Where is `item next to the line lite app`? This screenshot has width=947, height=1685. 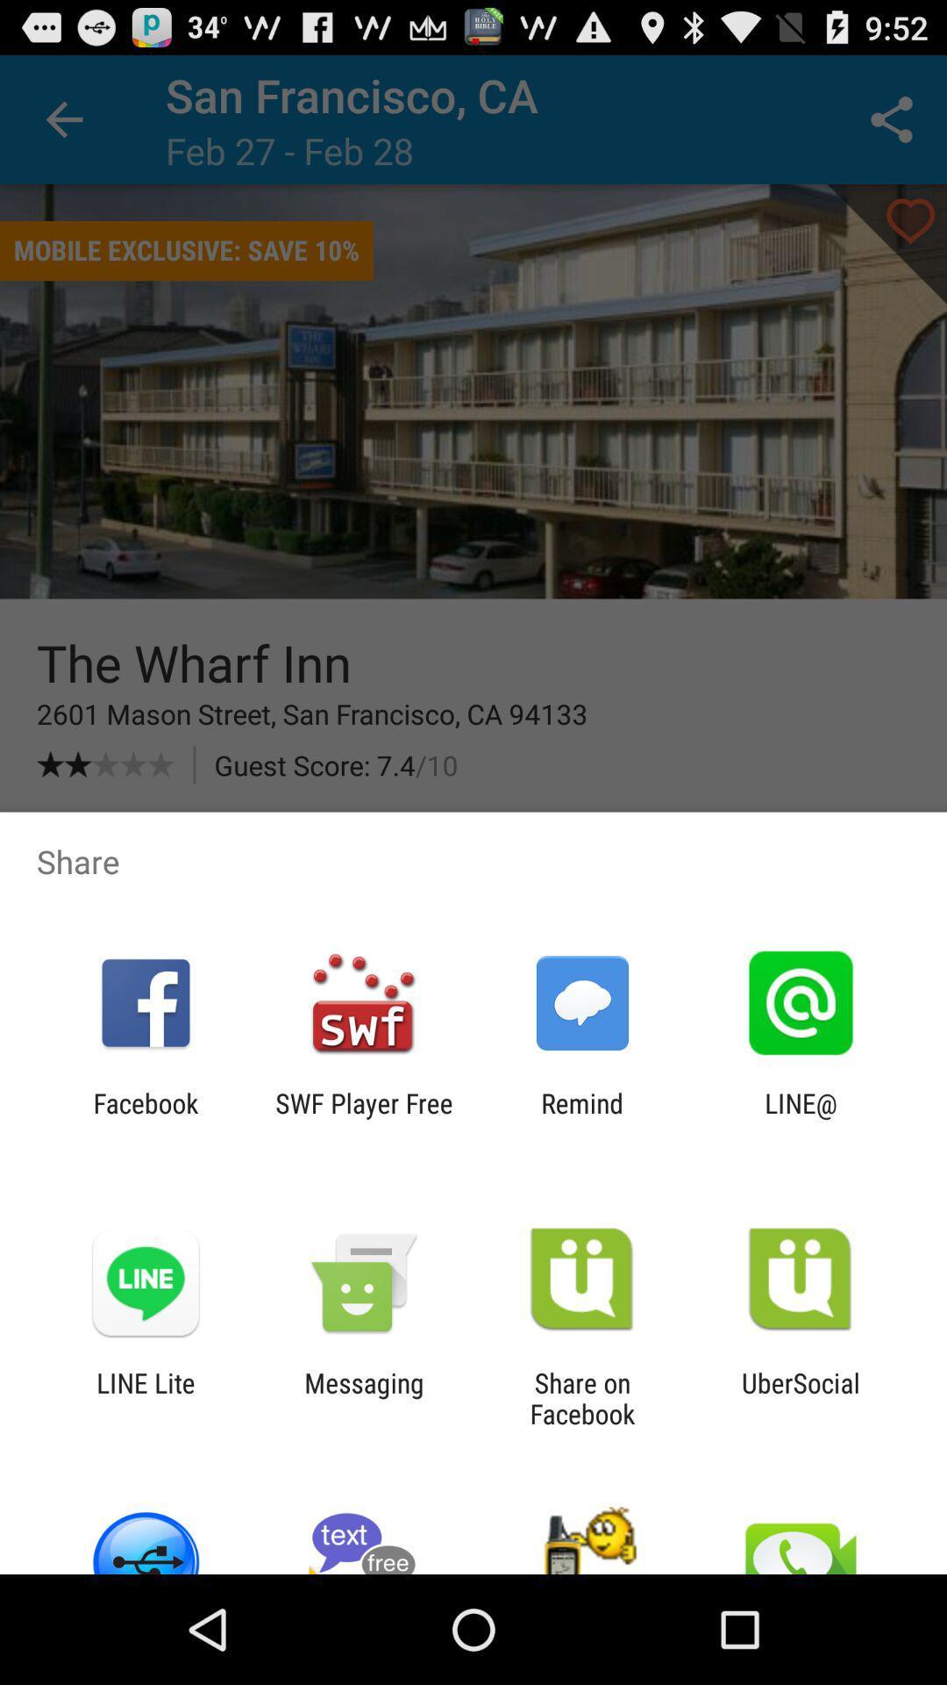 item next to the line lite app is located at coordinates (363, 1397).